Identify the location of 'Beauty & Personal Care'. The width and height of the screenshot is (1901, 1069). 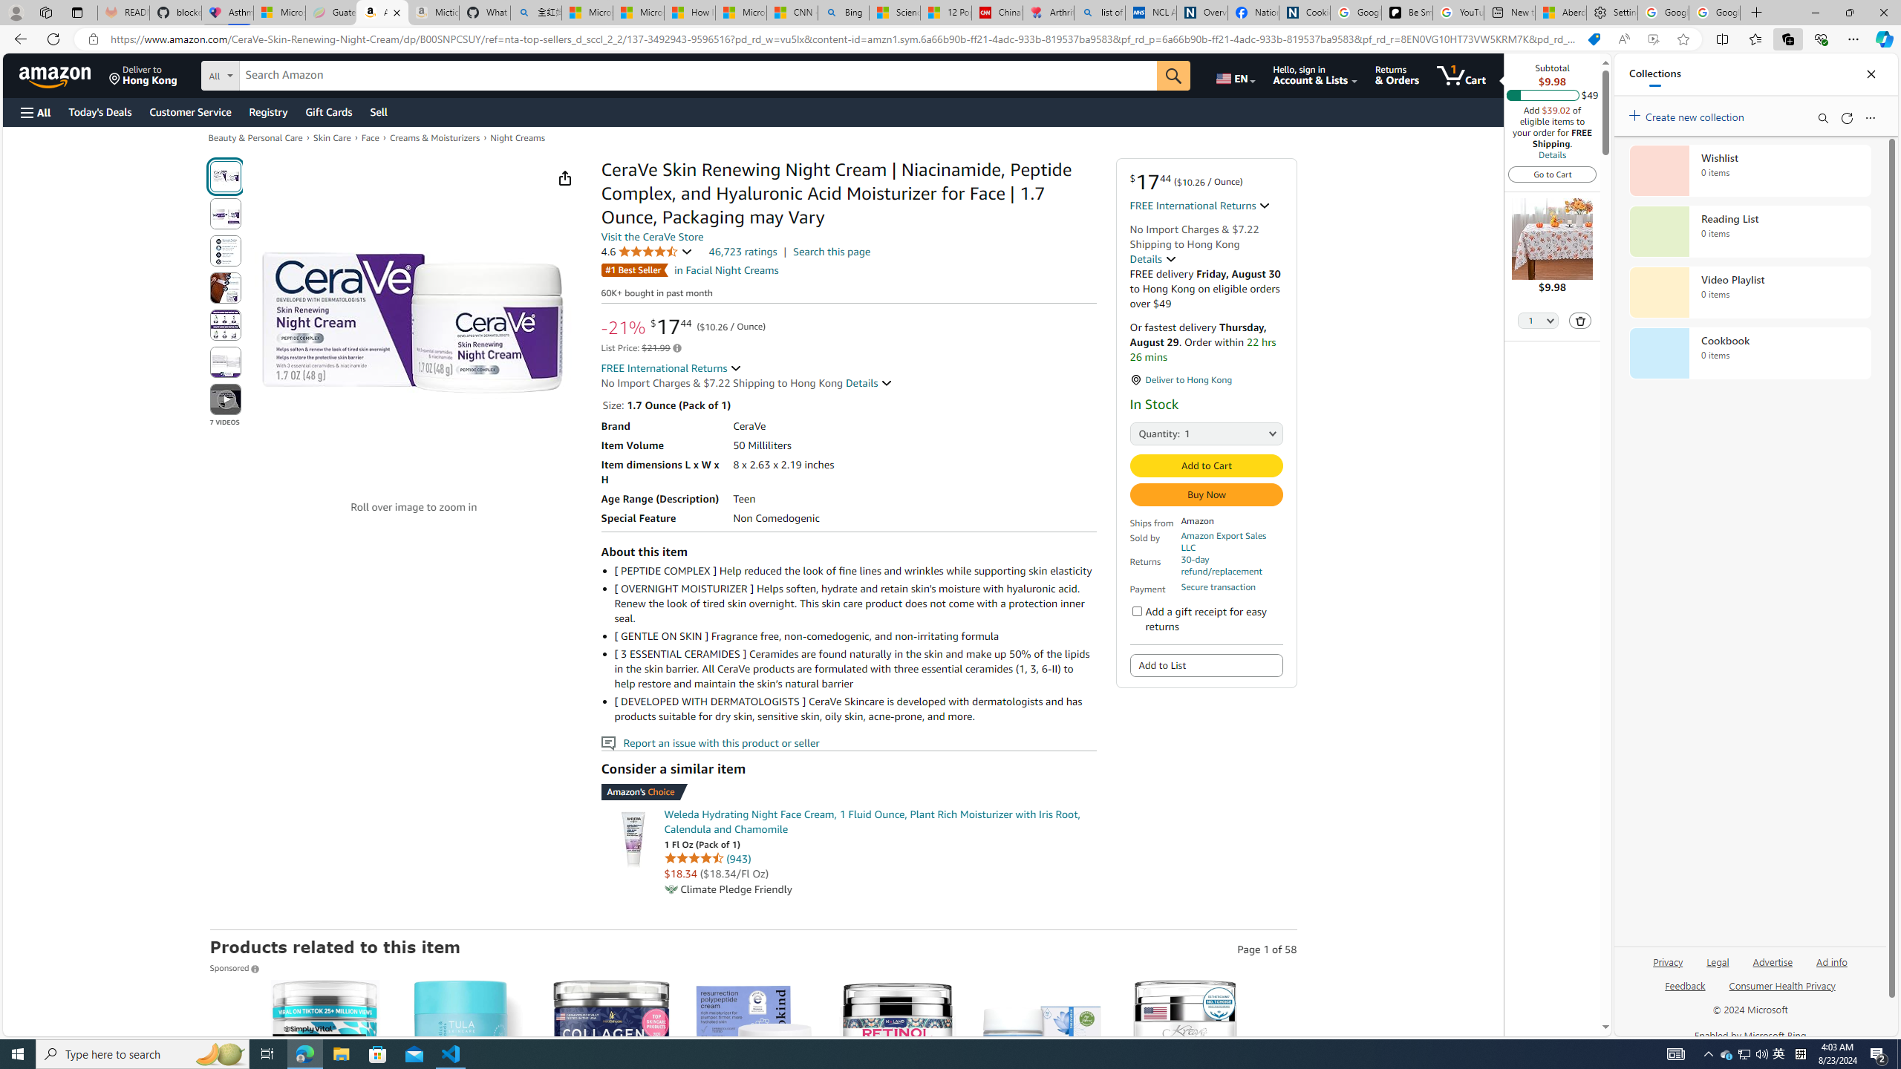
(254, 137).